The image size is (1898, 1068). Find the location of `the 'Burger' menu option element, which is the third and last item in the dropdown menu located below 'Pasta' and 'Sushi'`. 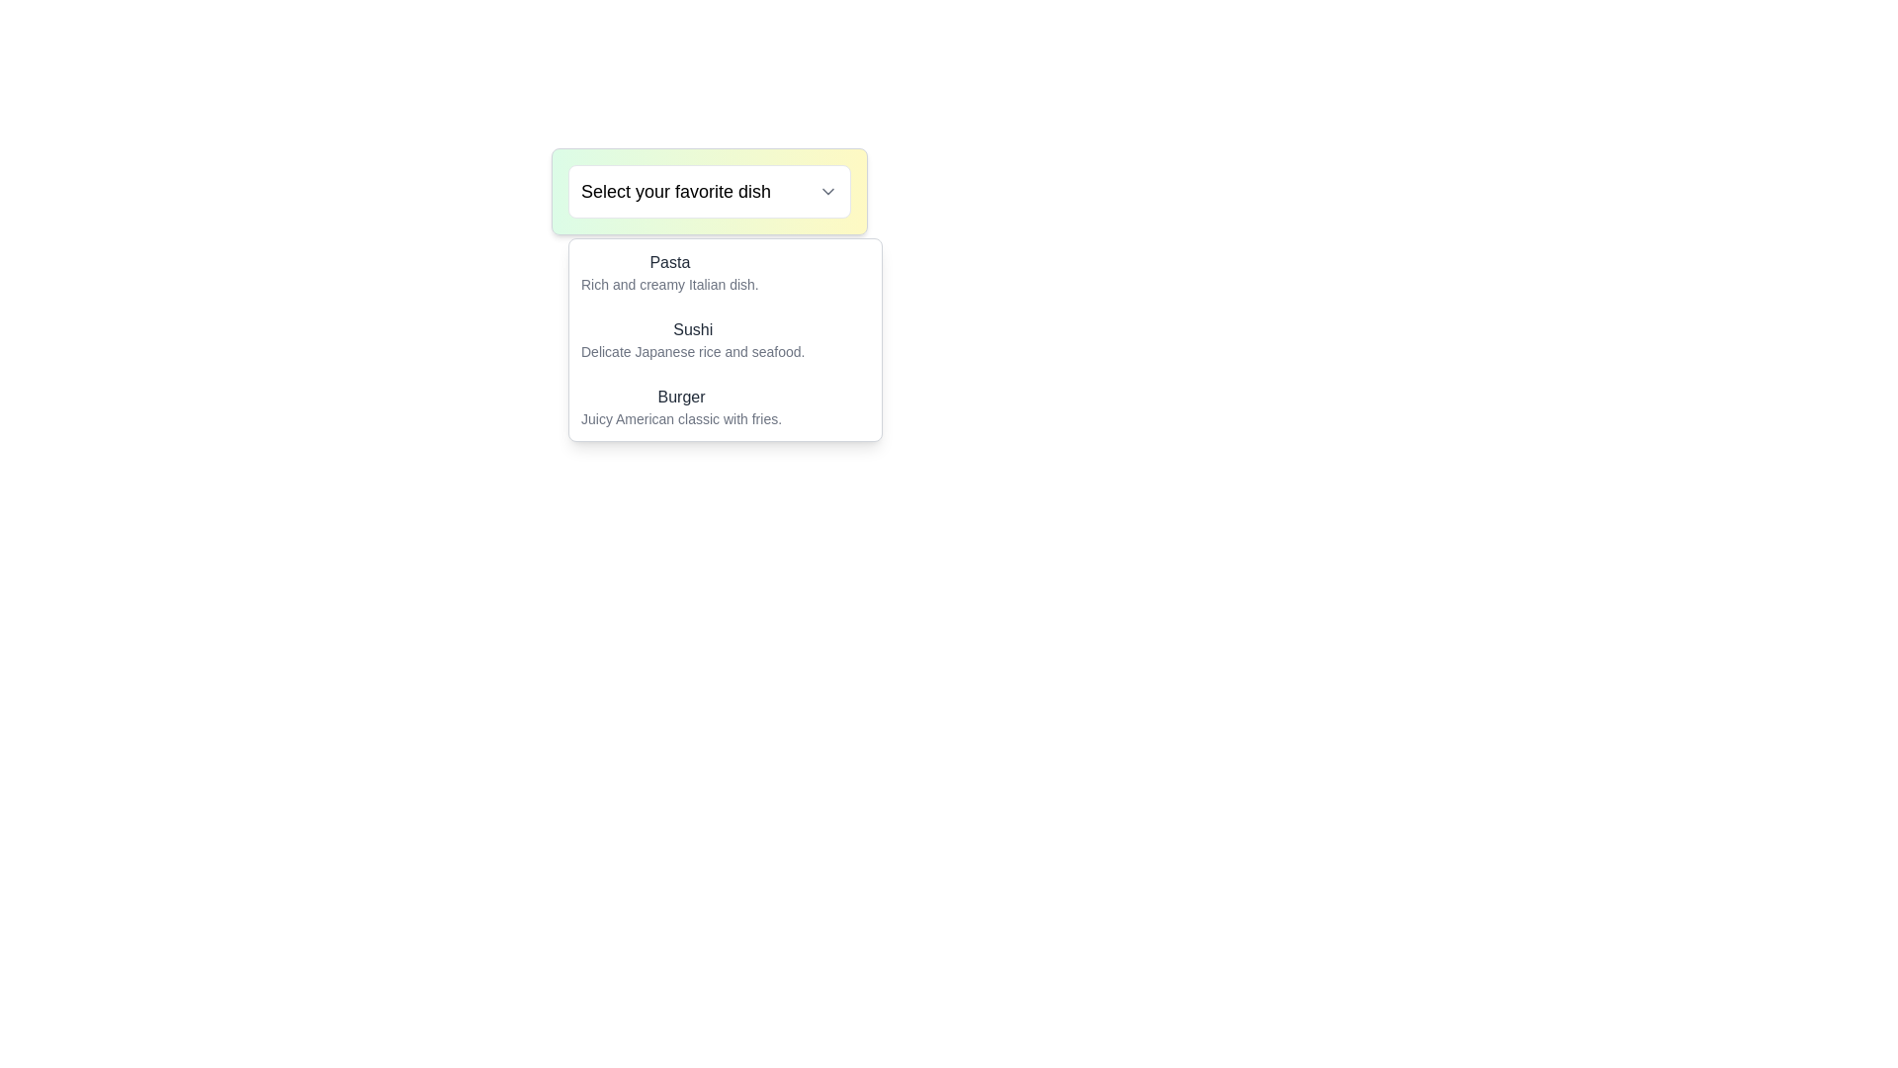

the 'Burger' menu option element, which is the third and last item in the dropdown menu located below 'Pasta' and 'Sushi' is located at coordinates (725, 406).